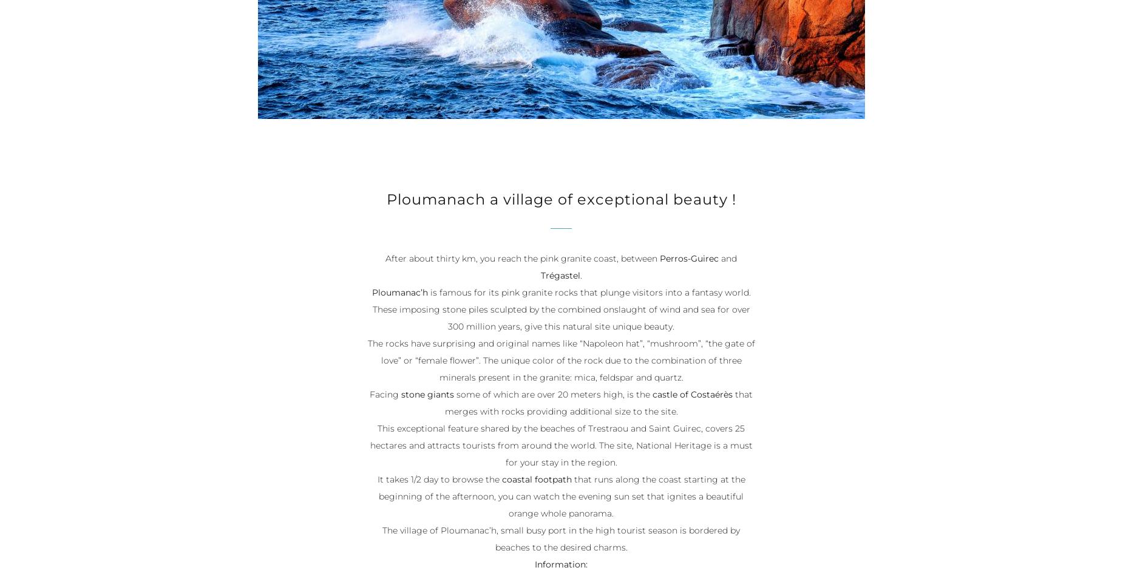 The width and height of the screenshot is (1123, 576). What do you see at coordinates (598, 403) in the screenshot?
I see `'that merges with rocks providing additional size to the site.'` at bounding box center [598, 403].